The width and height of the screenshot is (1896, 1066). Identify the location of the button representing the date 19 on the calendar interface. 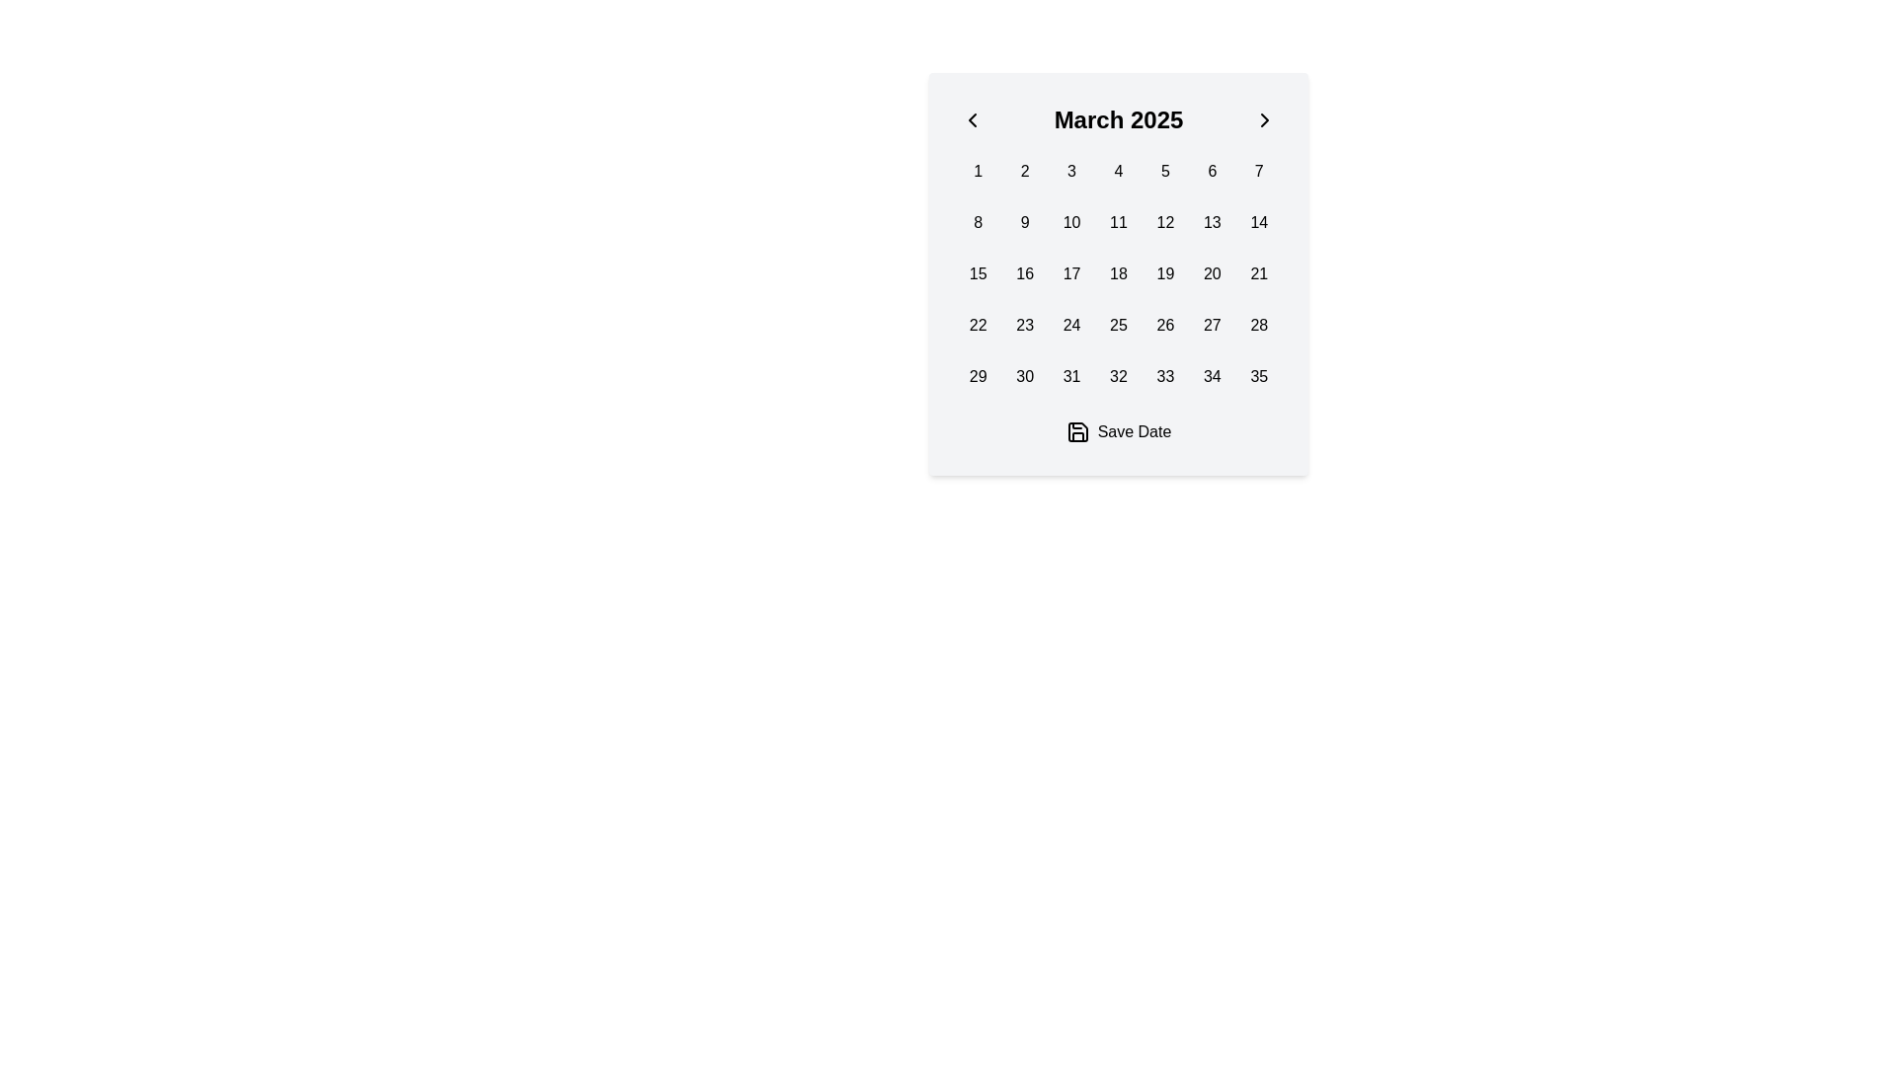
(1165, 273).